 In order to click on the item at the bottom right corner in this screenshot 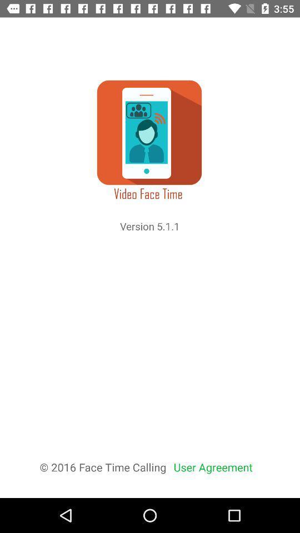, I will do `click(213, 466)`.